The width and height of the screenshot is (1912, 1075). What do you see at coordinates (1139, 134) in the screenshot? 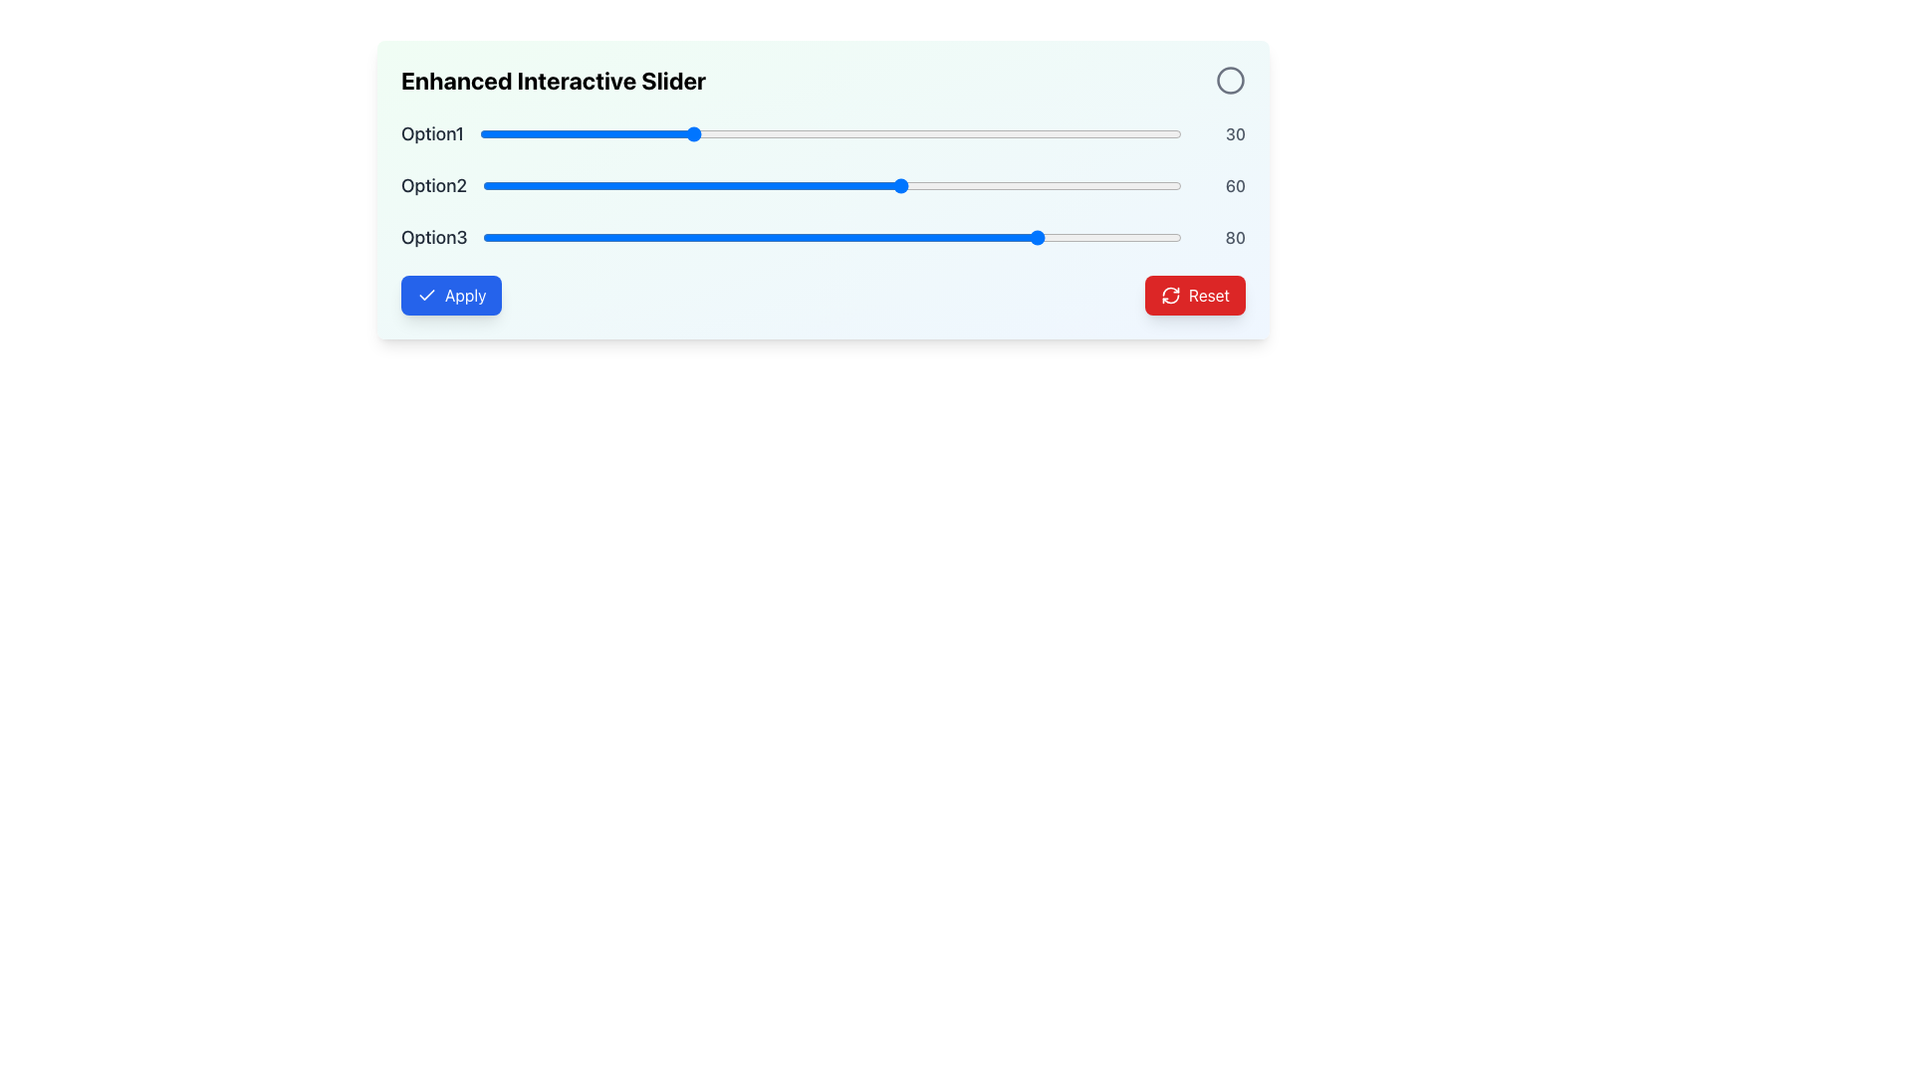
I see `the value of the slider` at bounding box center [1139, 134].